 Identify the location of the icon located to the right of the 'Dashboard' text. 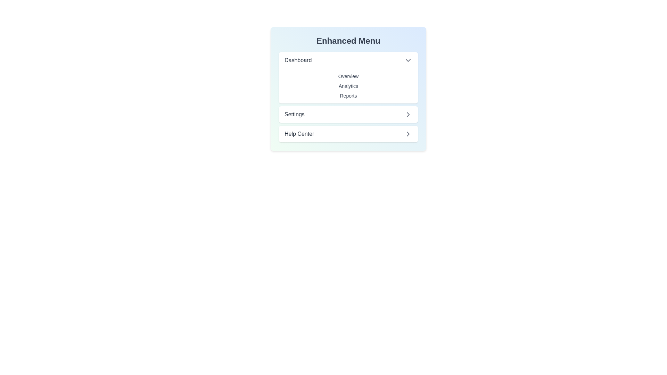
(408, 60).